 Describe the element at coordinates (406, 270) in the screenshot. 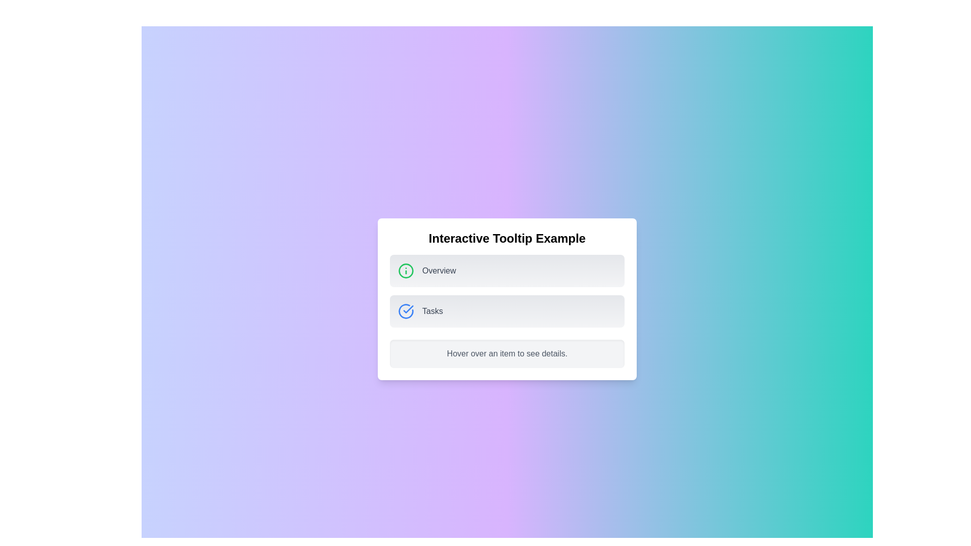

I see `the circular graphical element with a green stroke, which is centrally located within the information icon` at that location.